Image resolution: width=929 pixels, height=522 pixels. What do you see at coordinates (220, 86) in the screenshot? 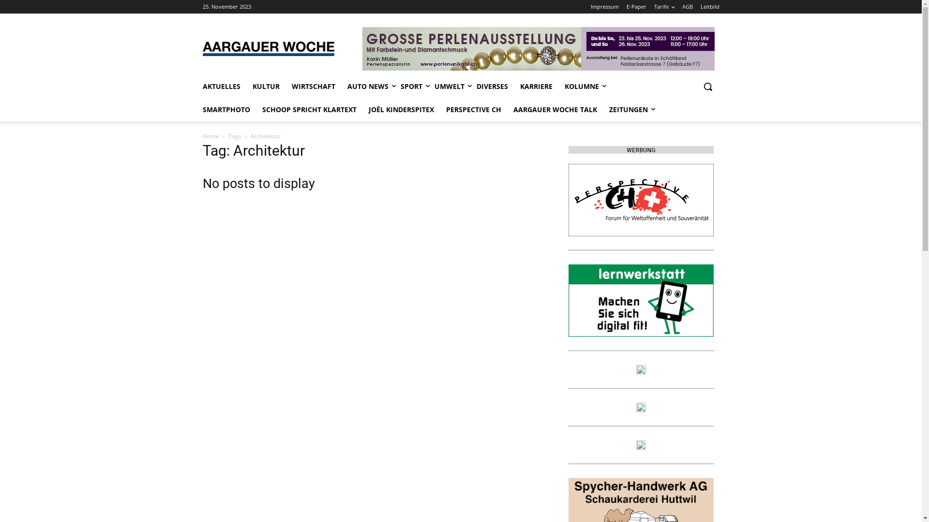
I see `'AKTUELLES'` at bounding box center [220, 86].